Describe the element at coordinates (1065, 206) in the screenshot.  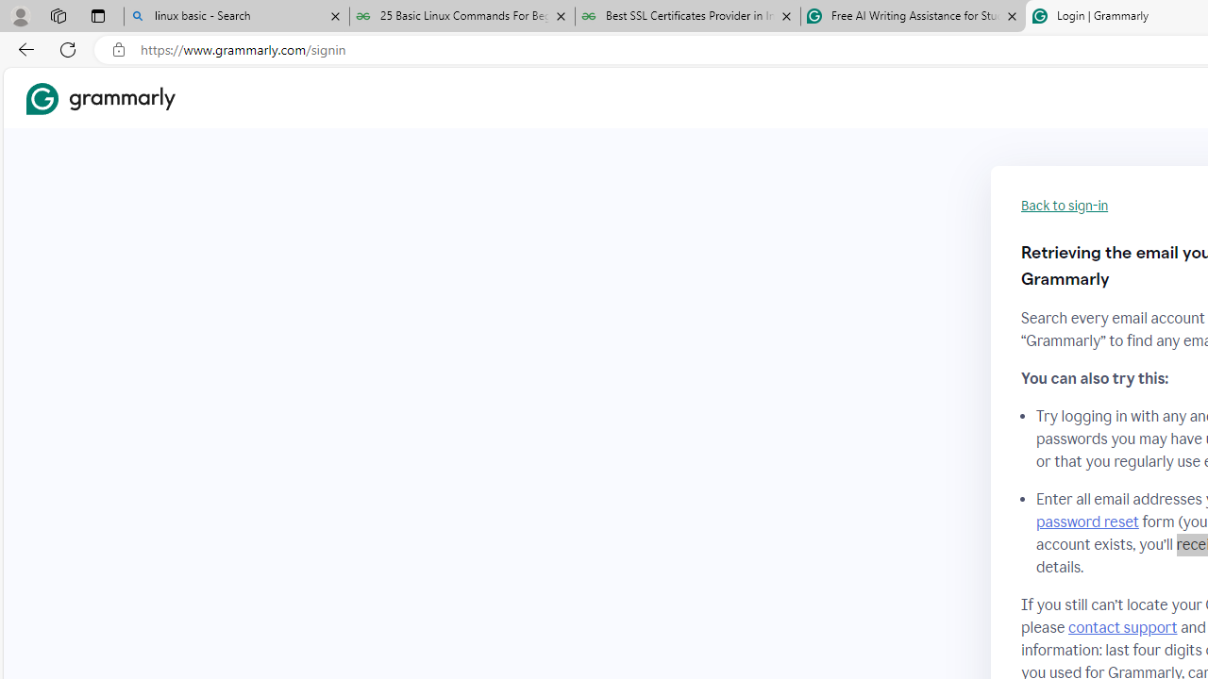
I see `'Back to sign-in'` at that location.